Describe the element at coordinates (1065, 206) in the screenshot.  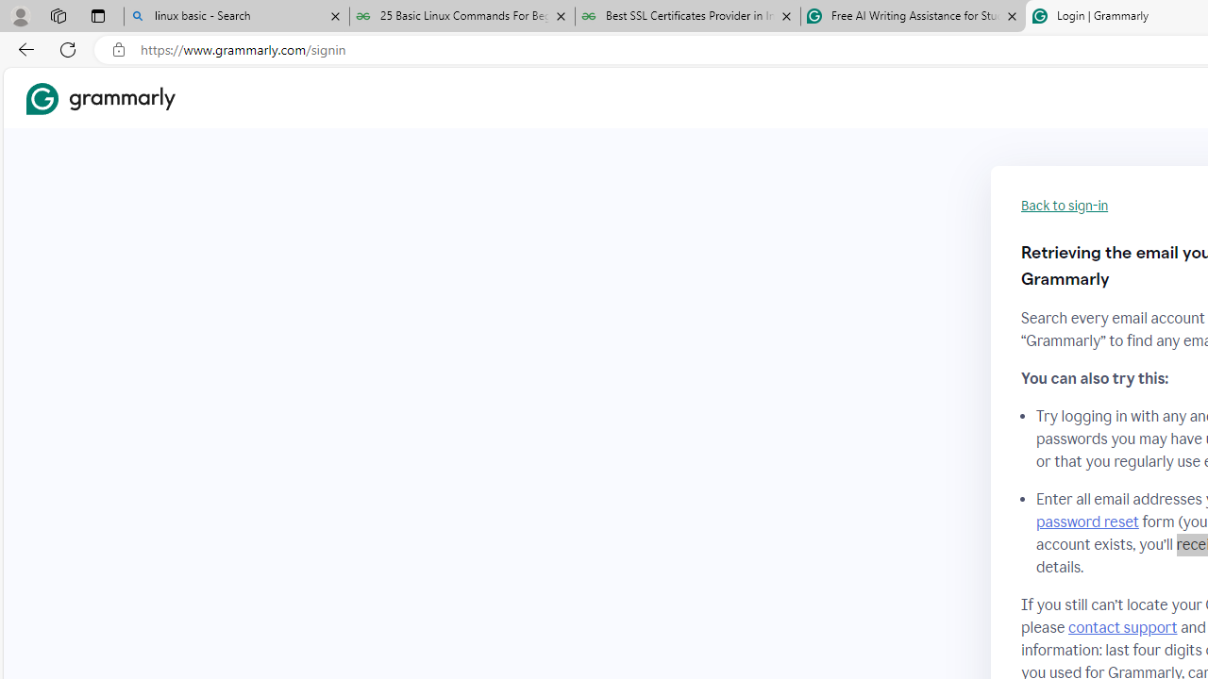
I see `'Back to sign-in'` at that location.